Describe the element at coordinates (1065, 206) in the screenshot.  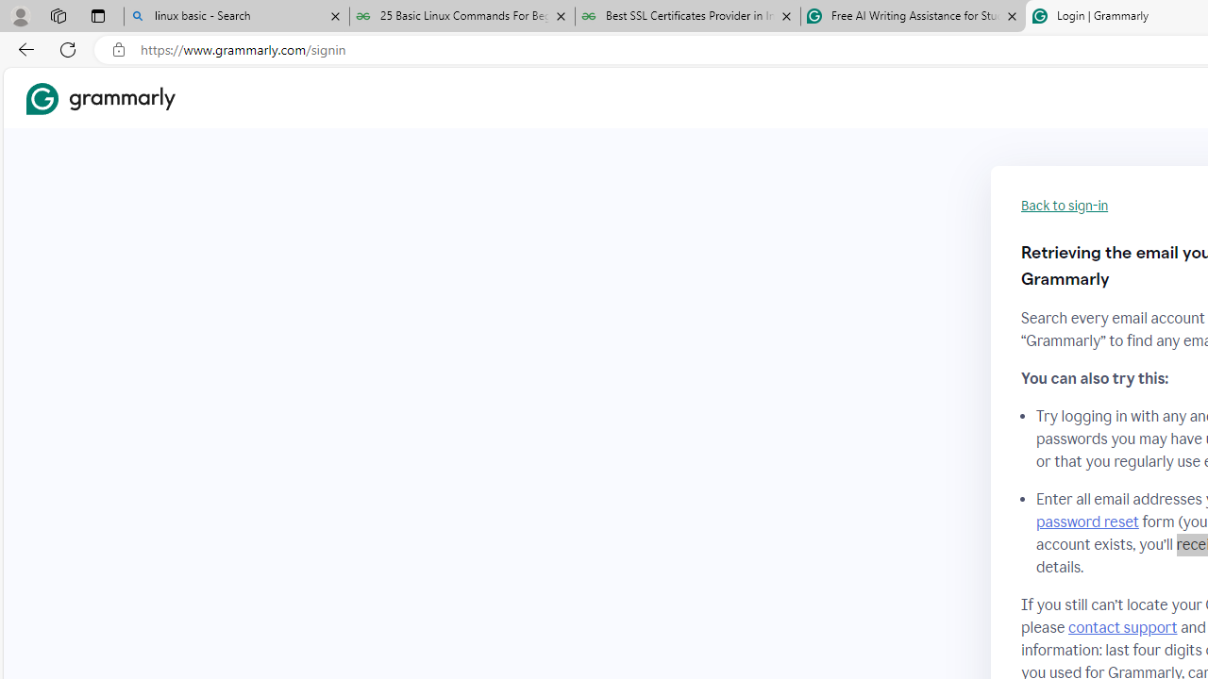
I see `'Back to sign-in'` at that location.